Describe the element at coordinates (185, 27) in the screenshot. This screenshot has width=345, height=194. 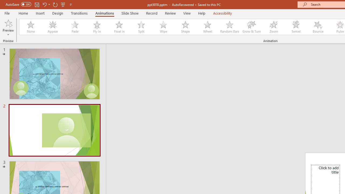
I see `'Shape'` at that location.